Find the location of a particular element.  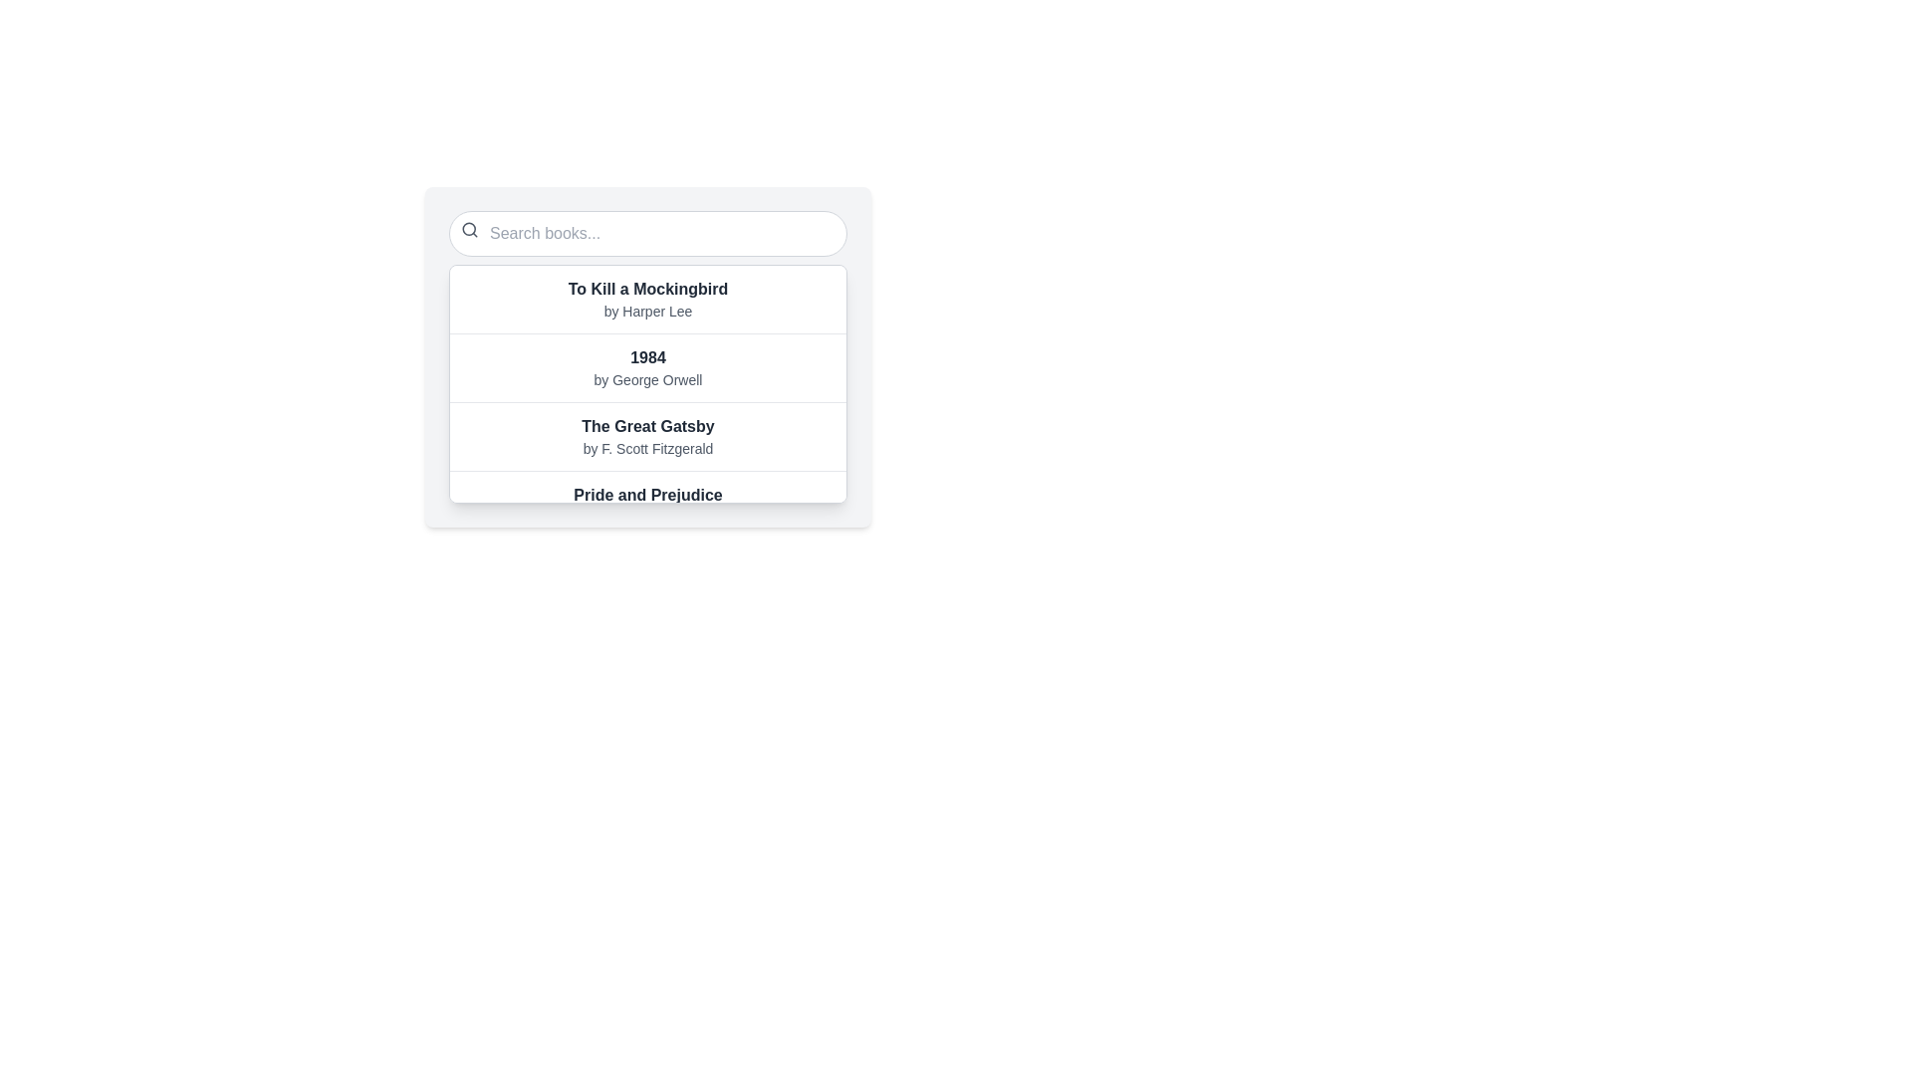

the selectable list item representing 'Pride and Prejudice' by Jane Austen is located at coordinates (648, 504).